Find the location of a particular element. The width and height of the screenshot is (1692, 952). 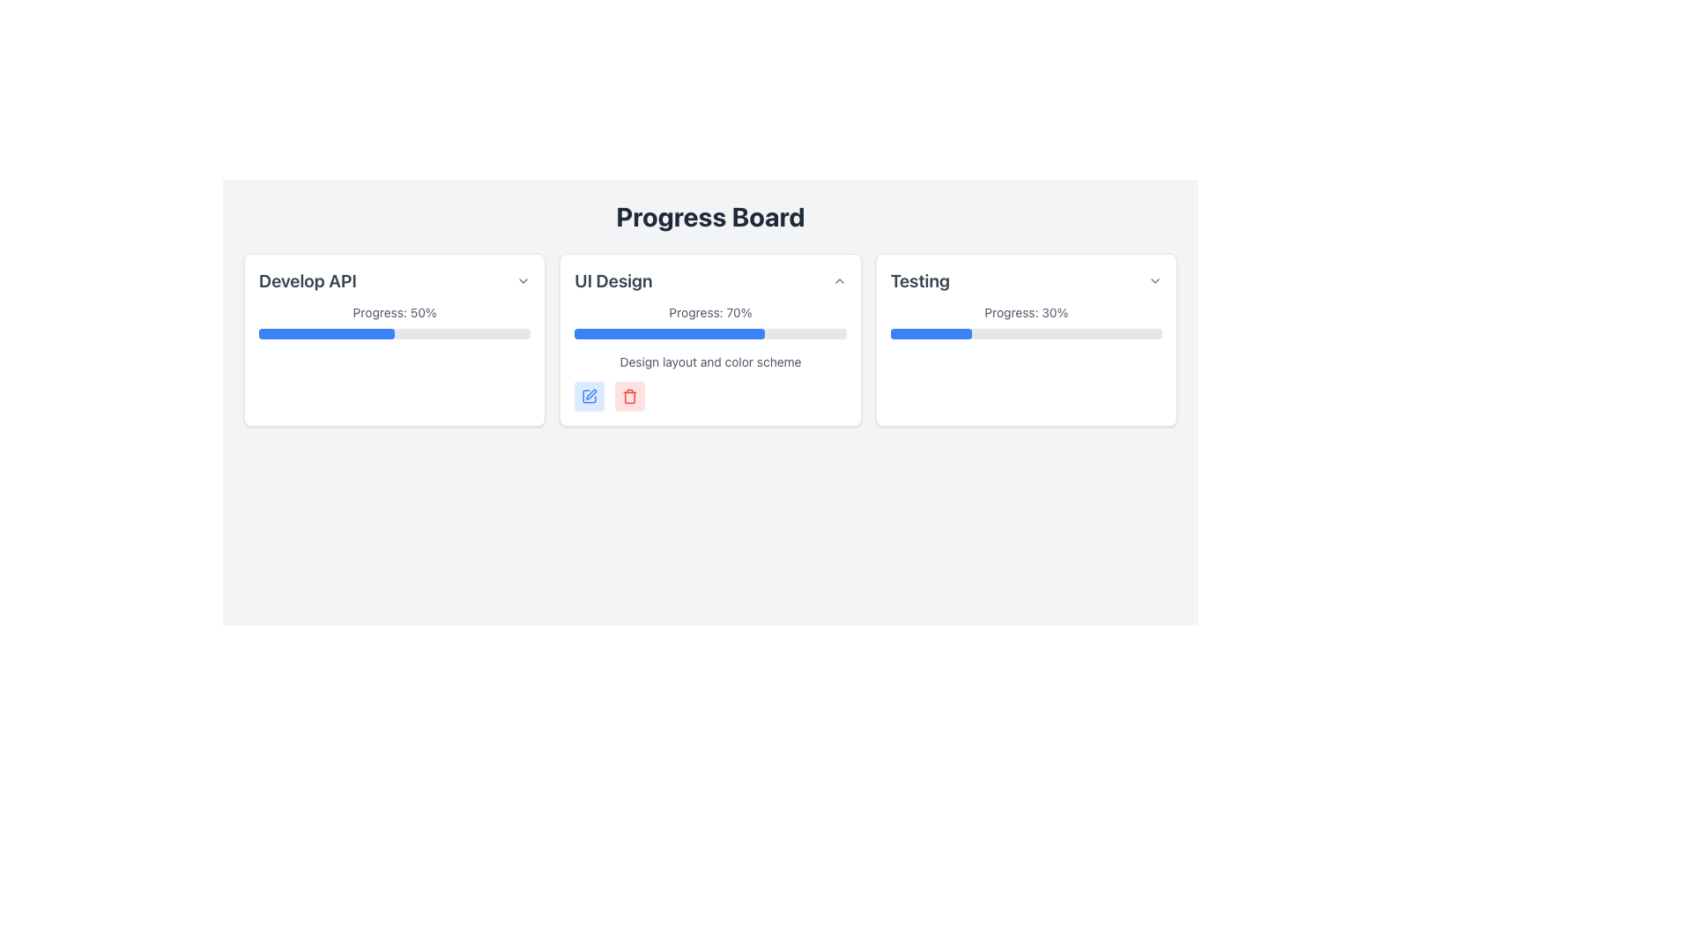

the leftmost button in the horizontal sequence of icons below the 'UI Design' section is located at coordinates (590, 397).